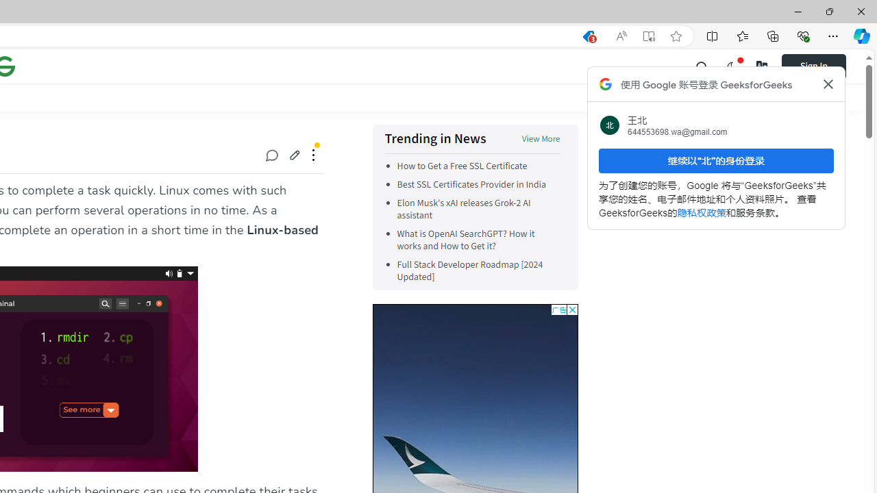 The image size is (877, 493). Describe the element at coordinates (463, 210) in the screenshot. I see `'Elon Musk'` at that location.